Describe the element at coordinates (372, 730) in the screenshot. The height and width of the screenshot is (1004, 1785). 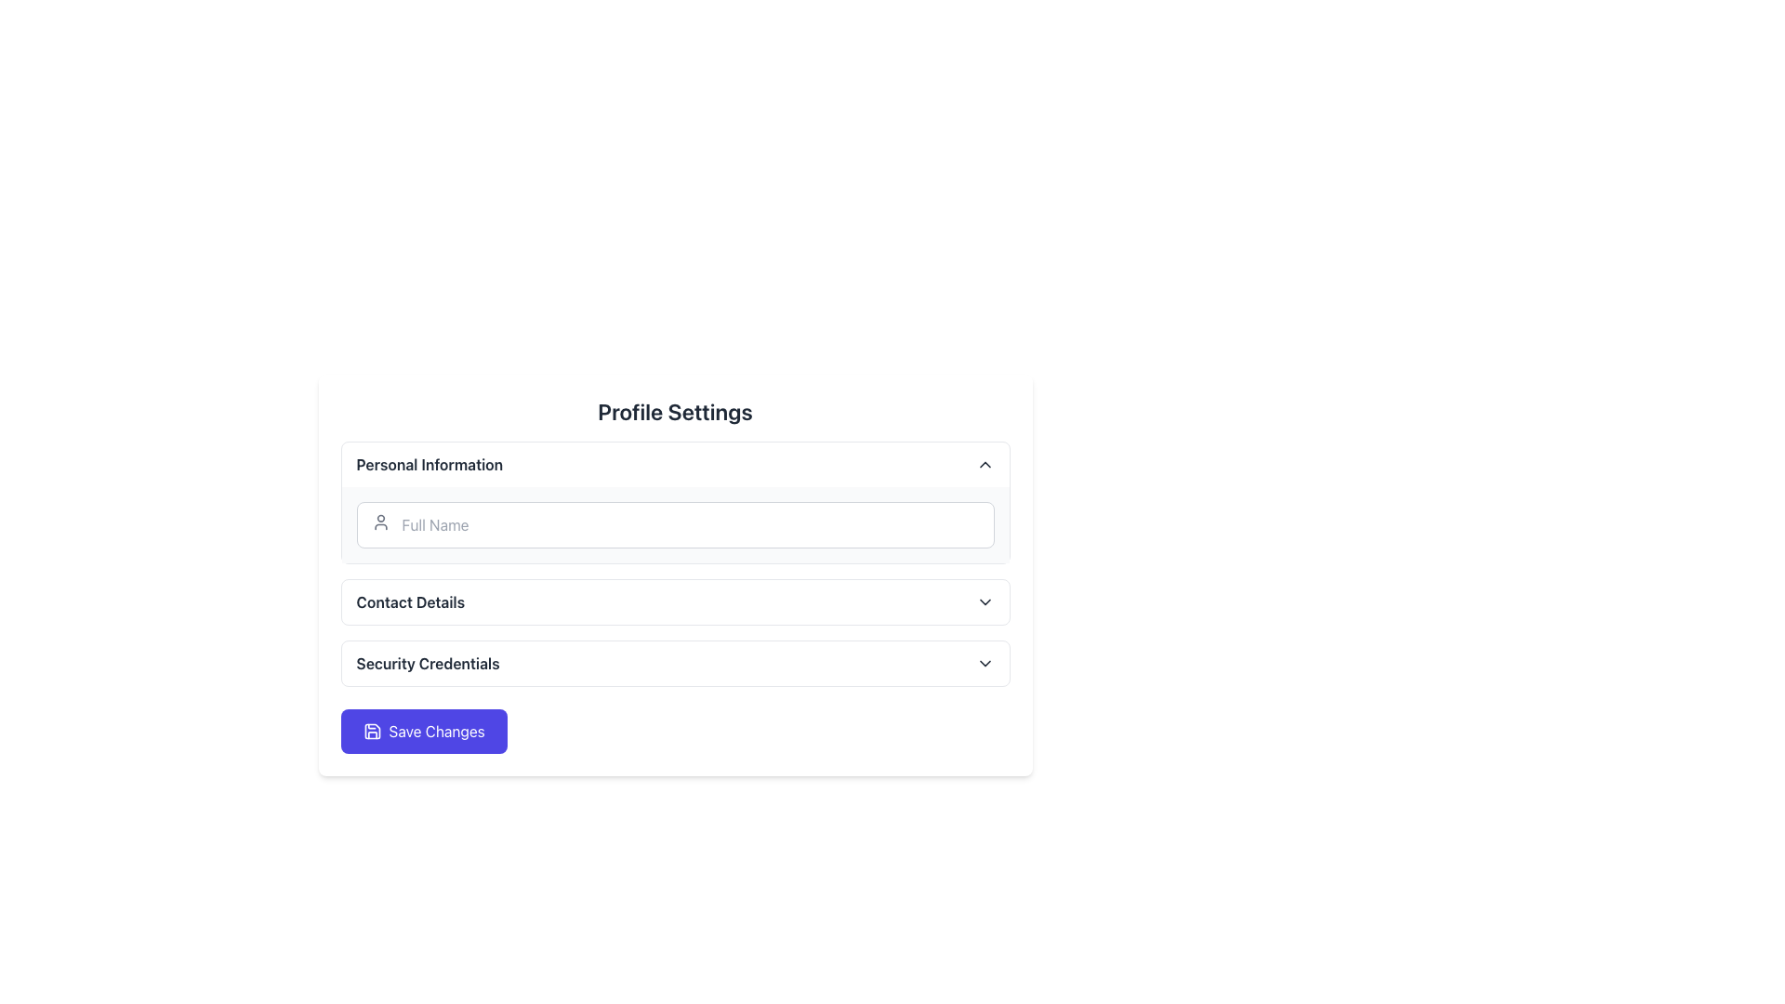
I see `the icon within the 'Save Changes' button, which visually indicates its purpose to save changes made in the form` at that location.